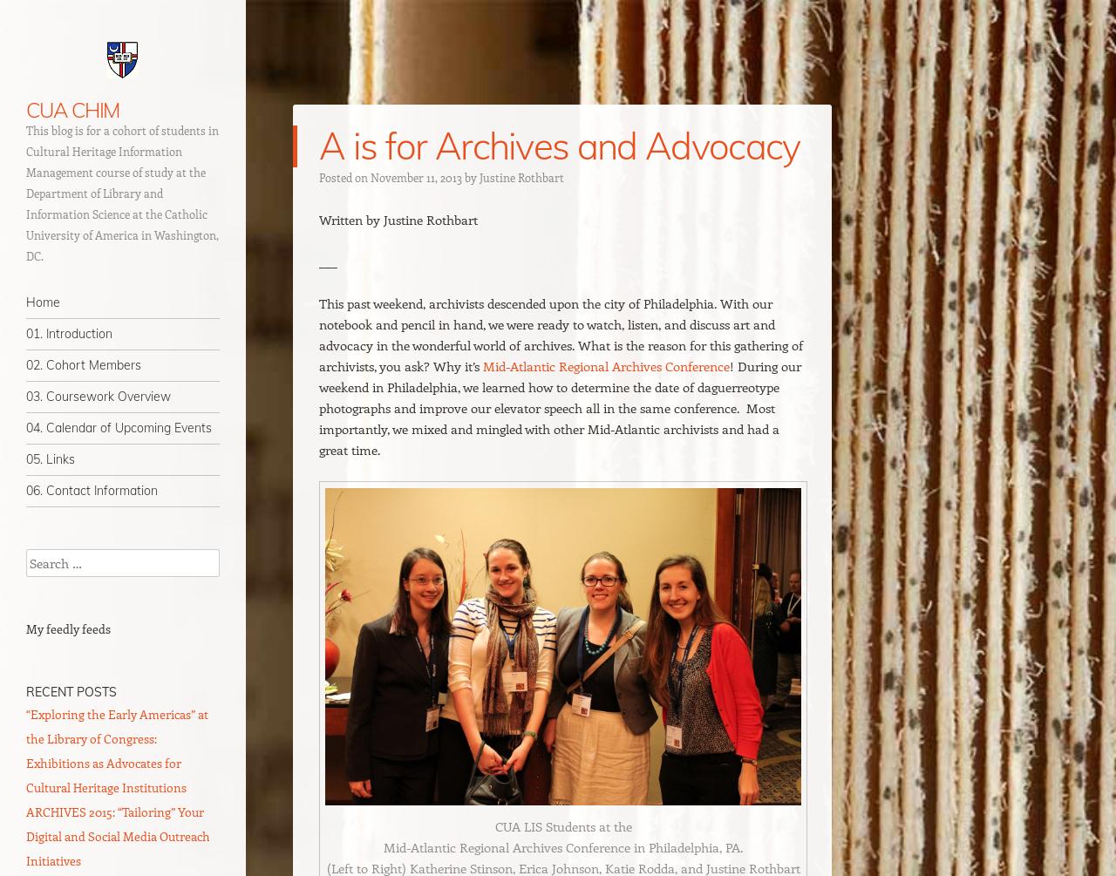 The width and height of the screenshot is (1116, 876). I want to click on '06. Contact Information', so click(91, 490).